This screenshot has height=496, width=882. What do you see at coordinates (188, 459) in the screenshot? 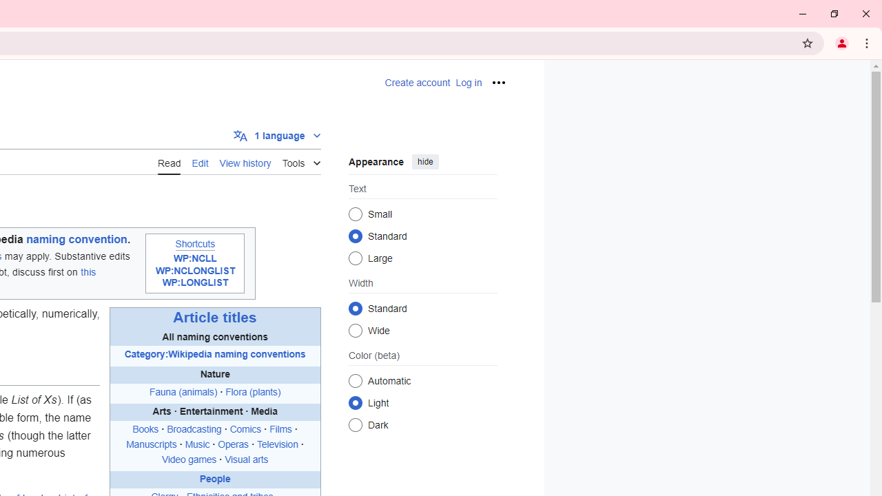
I see `'Video games'` at bounding box center [188, 459].